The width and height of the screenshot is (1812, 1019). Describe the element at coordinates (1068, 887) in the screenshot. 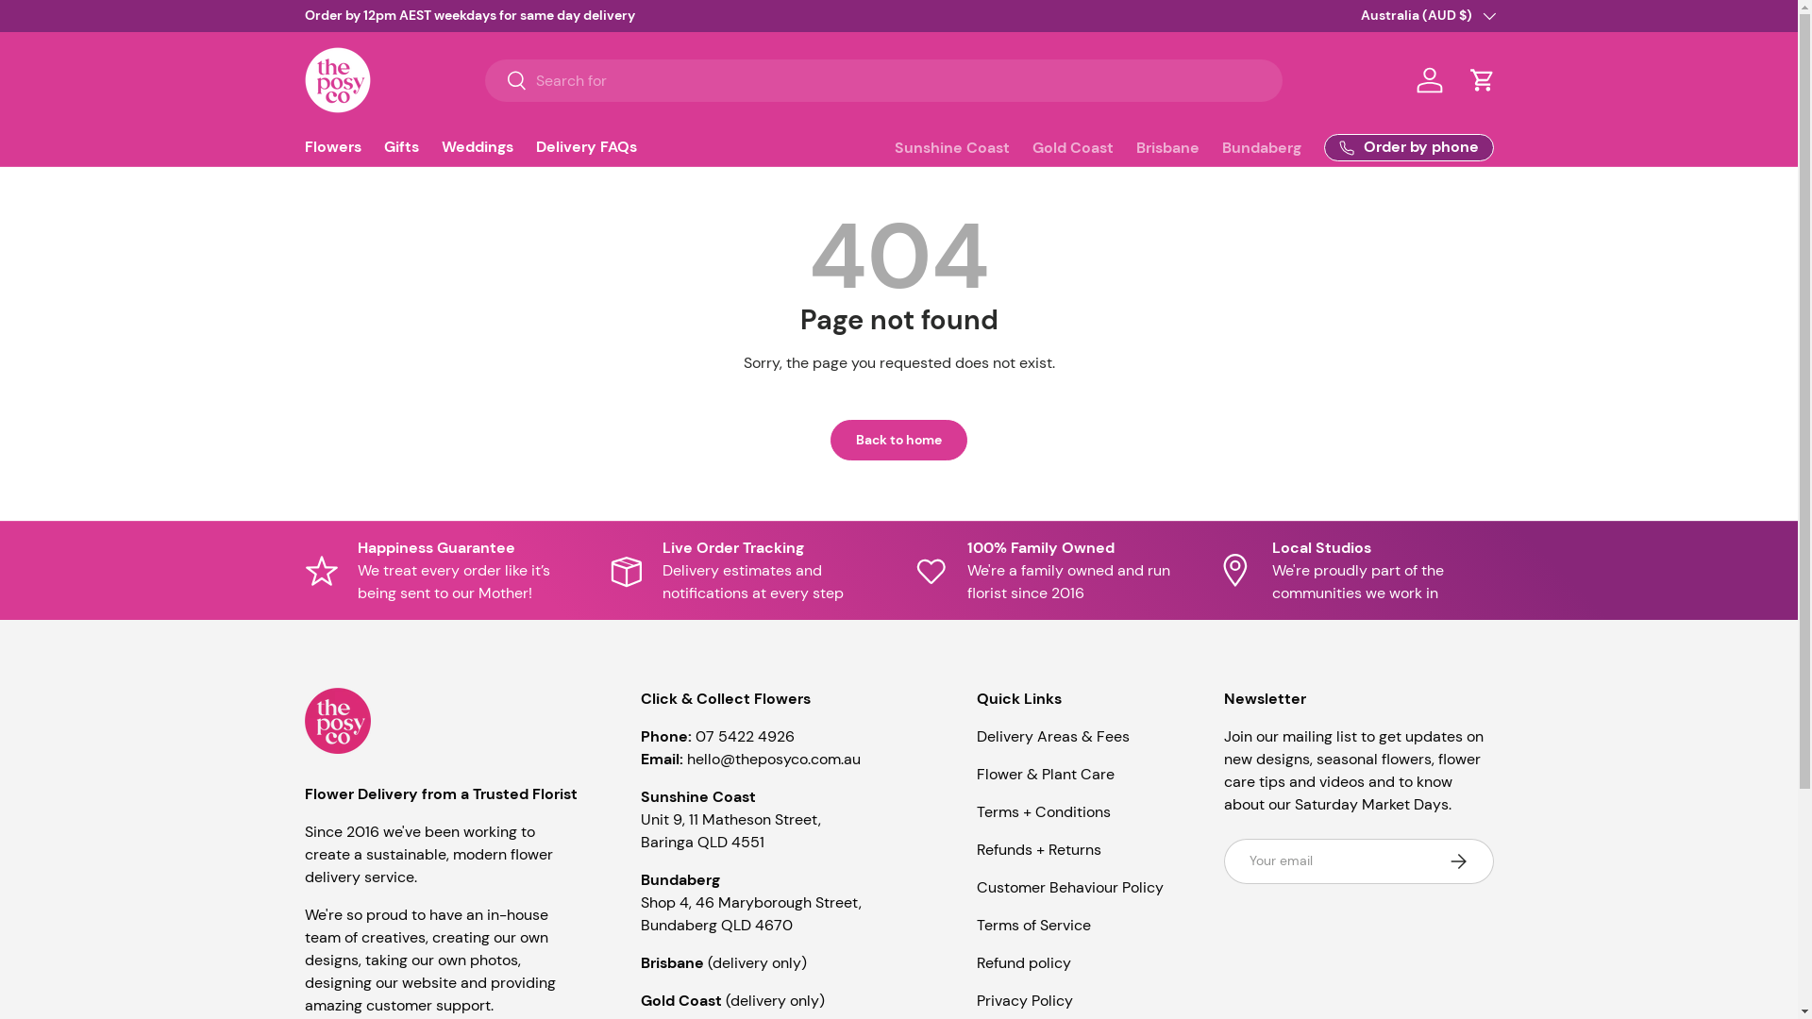

I see `'Customer Behaviour Policy'` at that location.